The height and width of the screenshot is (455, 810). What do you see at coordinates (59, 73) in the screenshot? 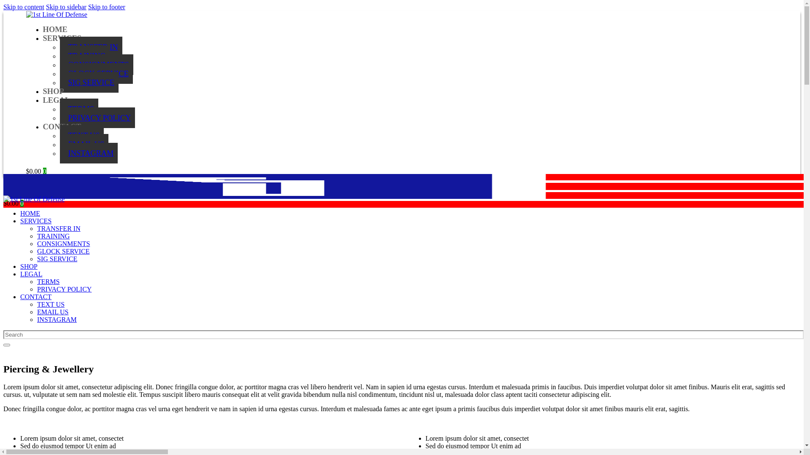
I see `'GLOCK SERVICE'` at bounding box center [59, 73].